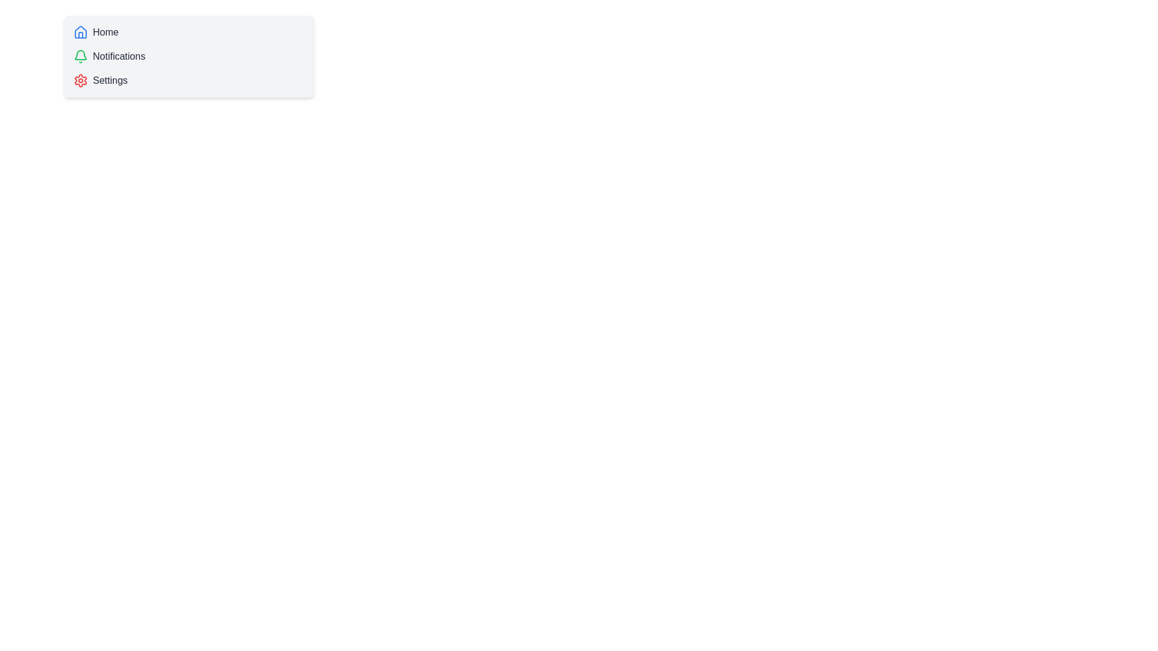  Describe the element at coordinates (110, 81) in the screenshot. I see `the 'Settings' text label, which is the third item in a vertical list of options` at that location.